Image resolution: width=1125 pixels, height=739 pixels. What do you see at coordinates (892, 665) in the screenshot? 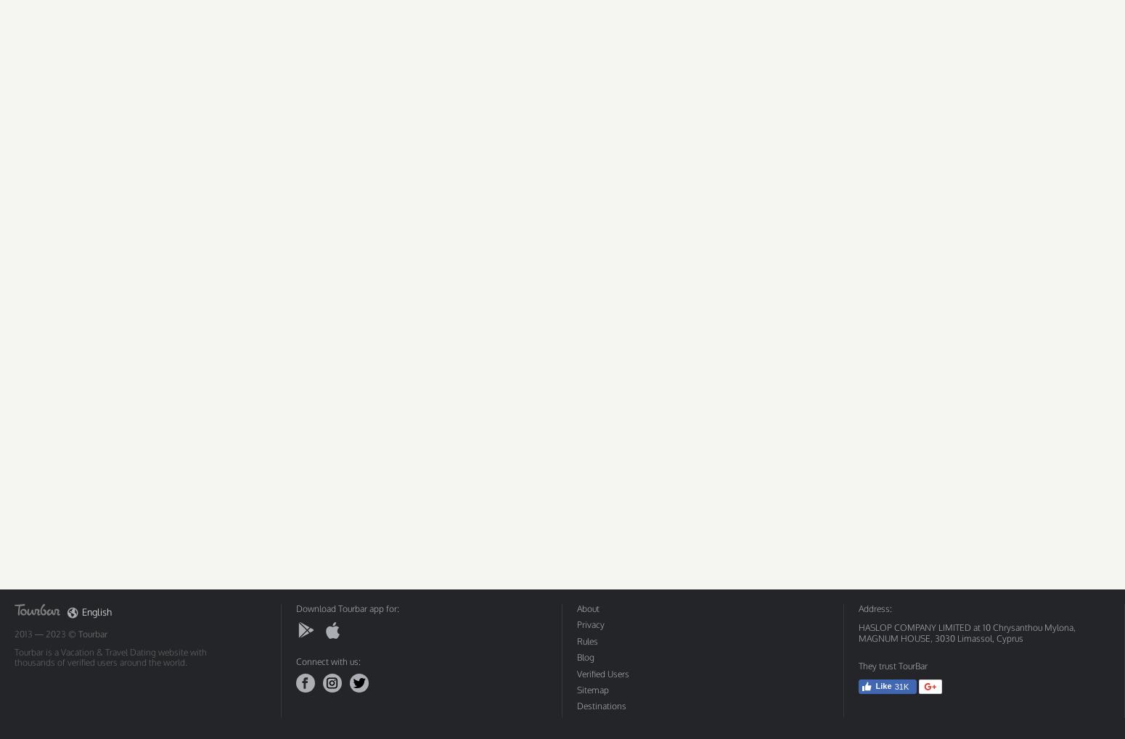
I see `'They trust TourBar'` at bounding box center [892, 665].